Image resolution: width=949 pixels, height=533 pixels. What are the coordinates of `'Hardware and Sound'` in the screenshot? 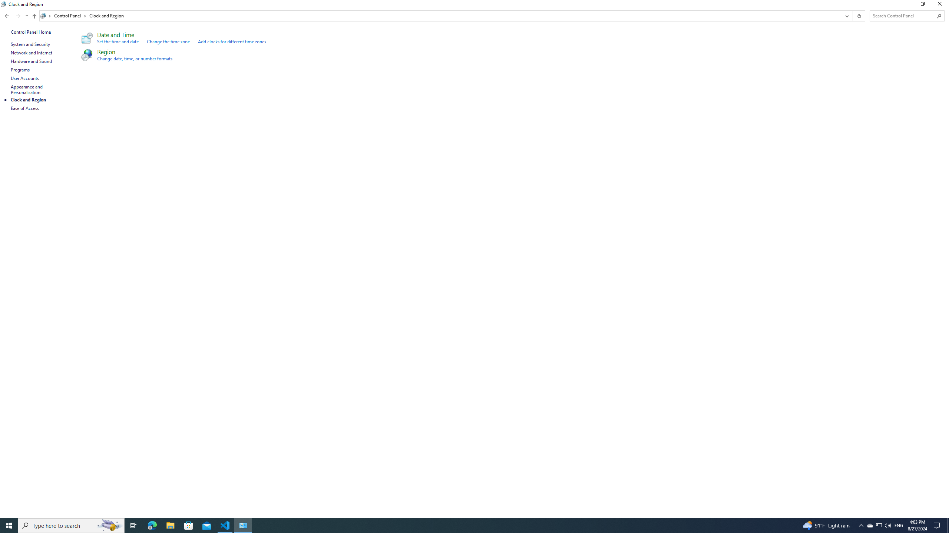 It's located at (31, 61).